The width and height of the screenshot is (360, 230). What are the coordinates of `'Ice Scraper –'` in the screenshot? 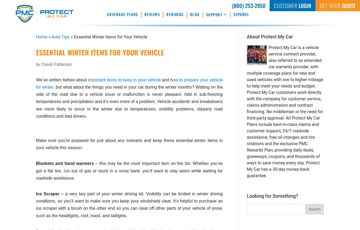 It's located at (50, 193).